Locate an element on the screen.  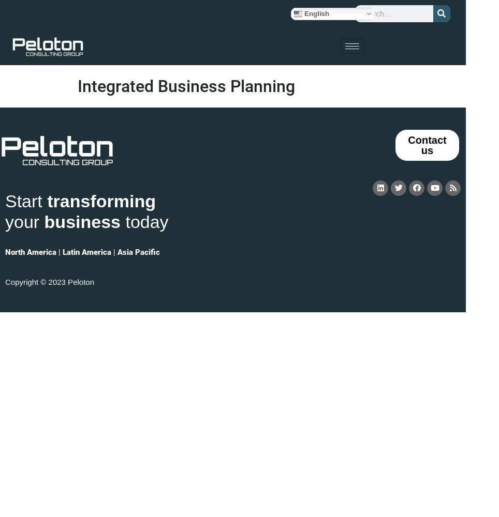
'Integrated Business Planning' is located at coordinates (185, 86).